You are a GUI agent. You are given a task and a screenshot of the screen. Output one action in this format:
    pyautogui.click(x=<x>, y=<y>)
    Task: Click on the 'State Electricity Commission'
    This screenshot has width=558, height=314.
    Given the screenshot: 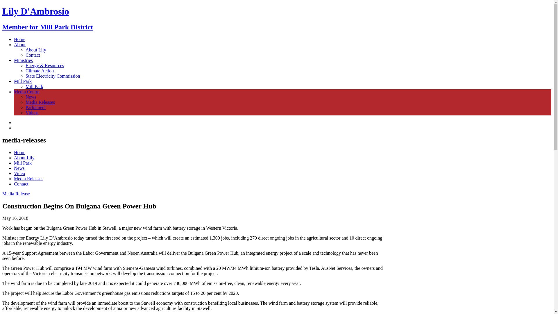 What is the action you would take?
    pyautogui.click(x=53, y=76)
    